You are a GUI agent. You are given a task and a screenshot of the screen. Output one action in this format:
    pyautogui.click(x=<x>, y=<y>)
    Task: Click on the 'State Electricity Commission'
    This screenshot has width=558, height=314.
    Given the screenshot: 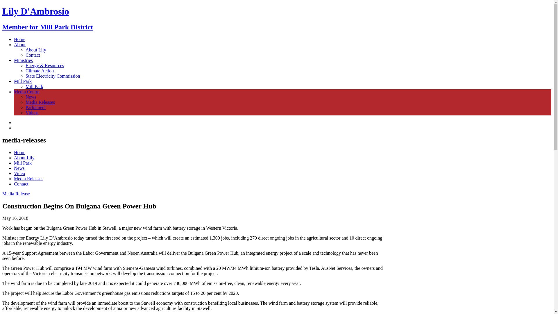 What is the action you would take?
    pyautogui.click(x=53, y=76)
    